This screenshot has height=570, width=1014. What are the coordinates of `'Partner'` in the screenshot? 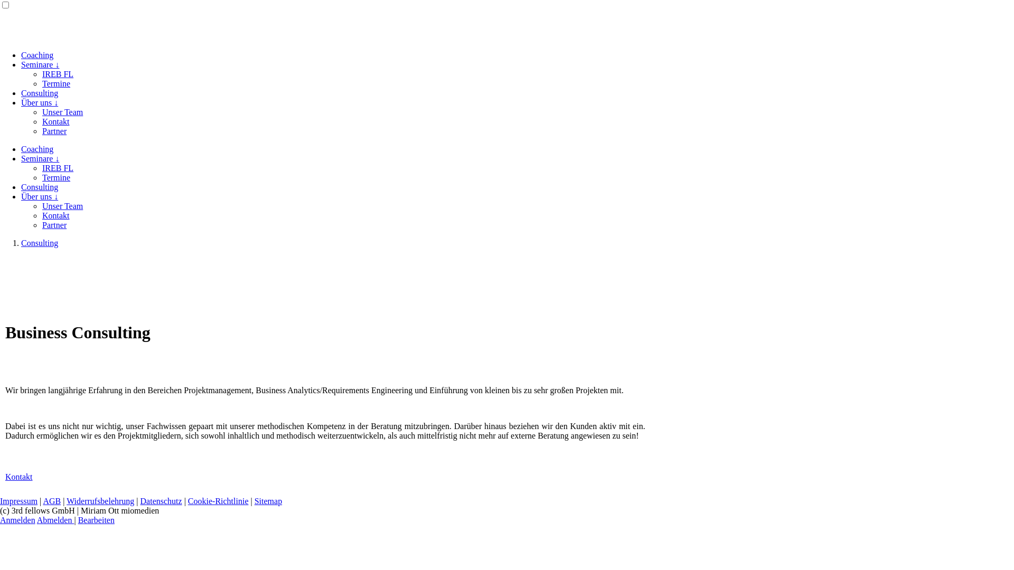 It's located at (42, 224).